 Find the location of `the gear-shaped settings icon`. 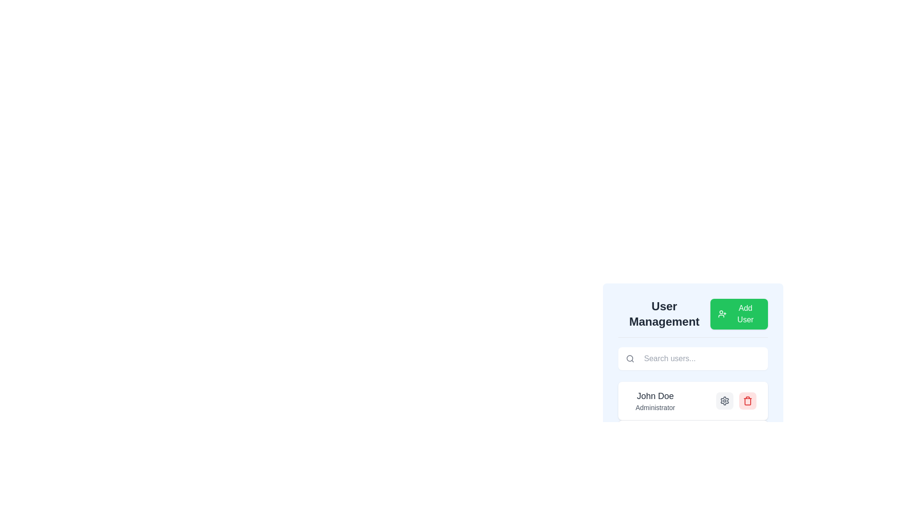

the gear-shaped settings icon is located at coordinates (725, 401).